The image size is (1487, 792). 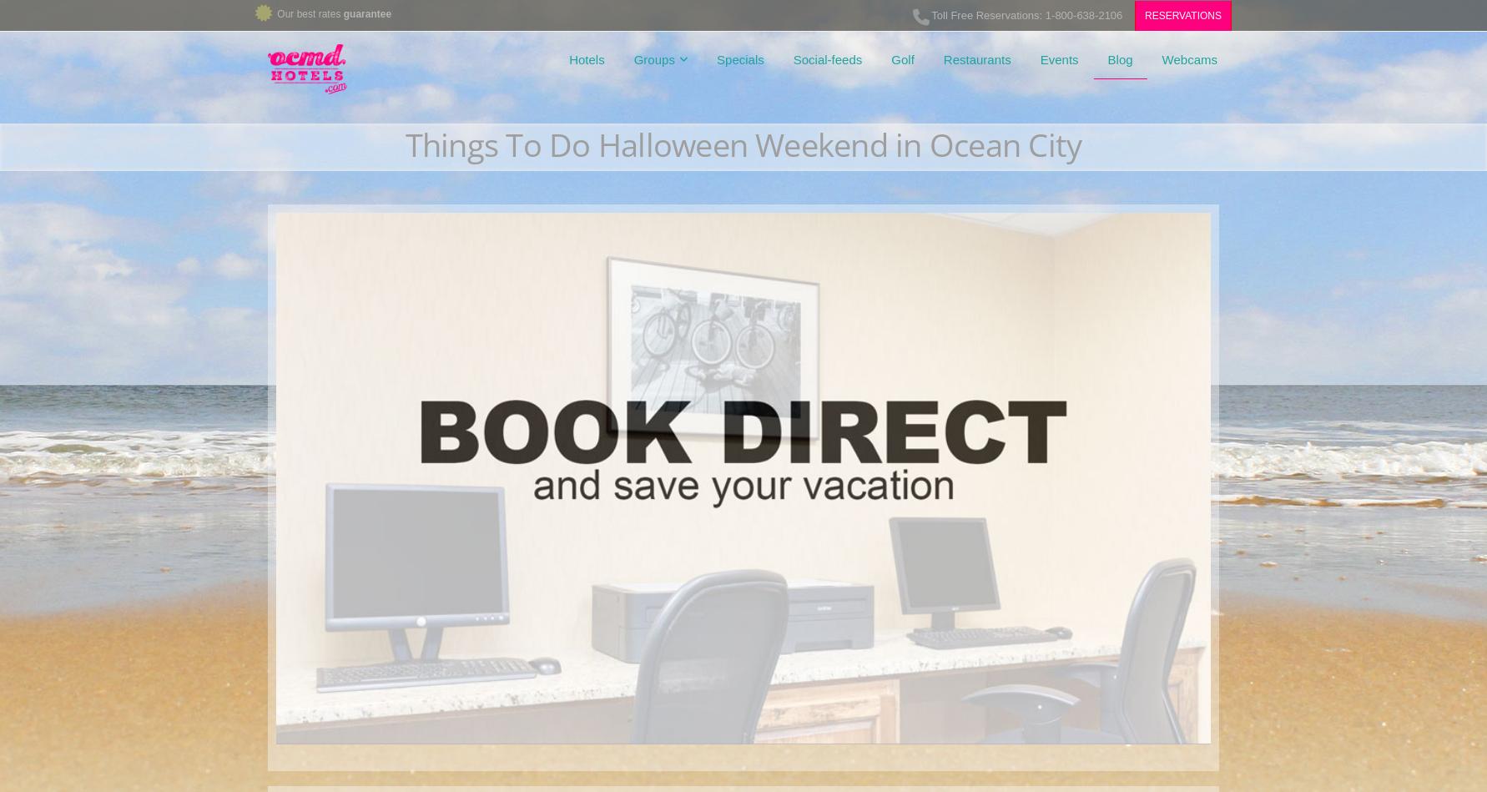 I want to click on 'Our best rates', so click(x=310, y=13).